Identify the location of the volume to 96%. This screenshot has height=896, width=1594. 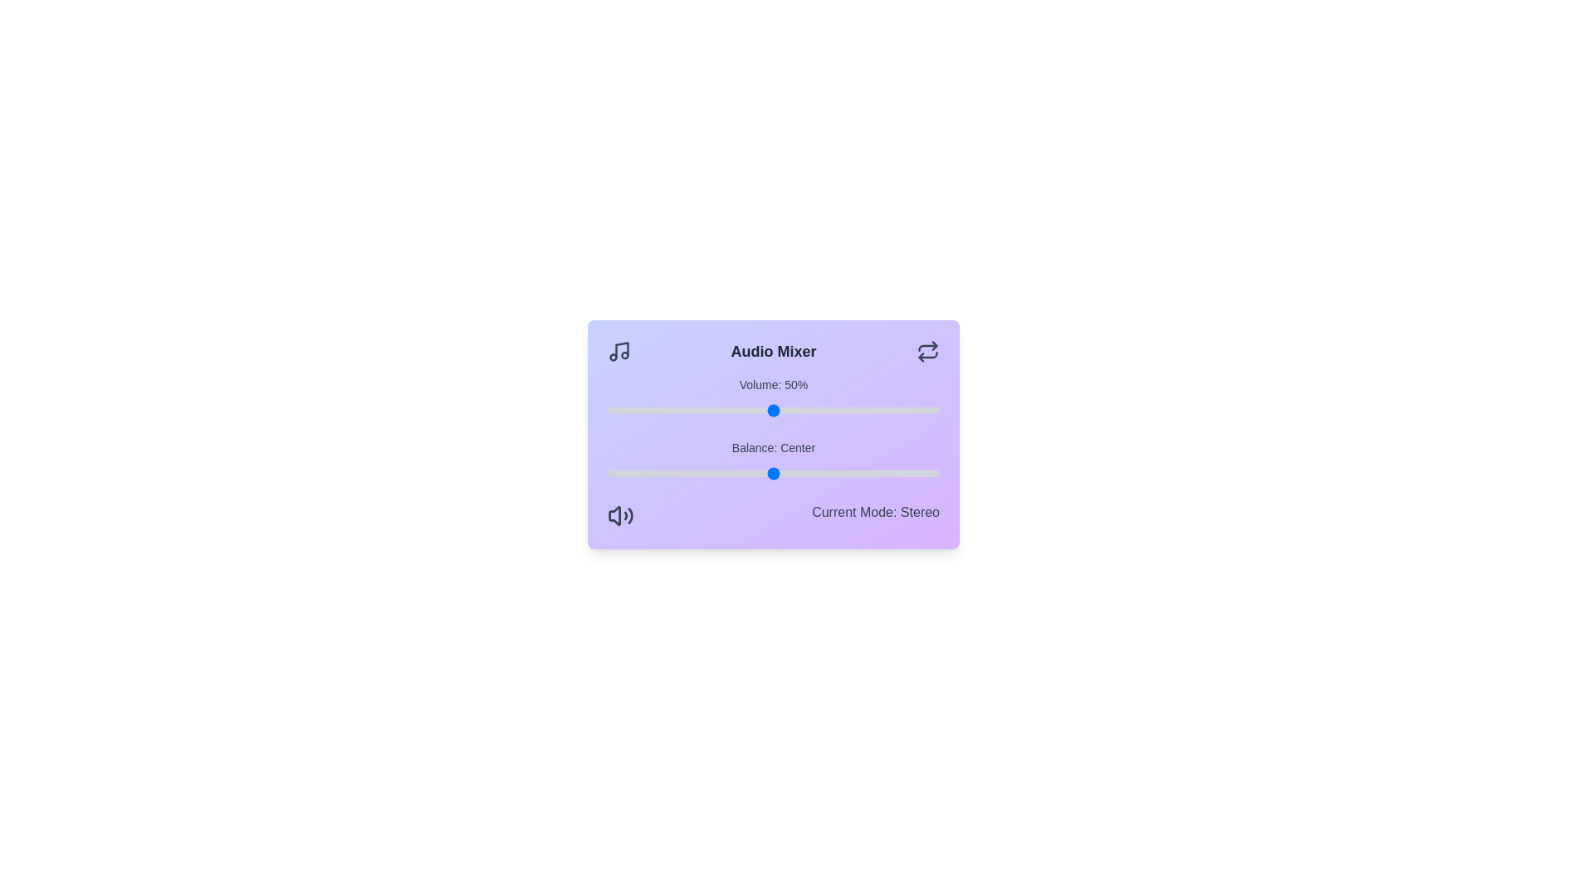
(926, 410).